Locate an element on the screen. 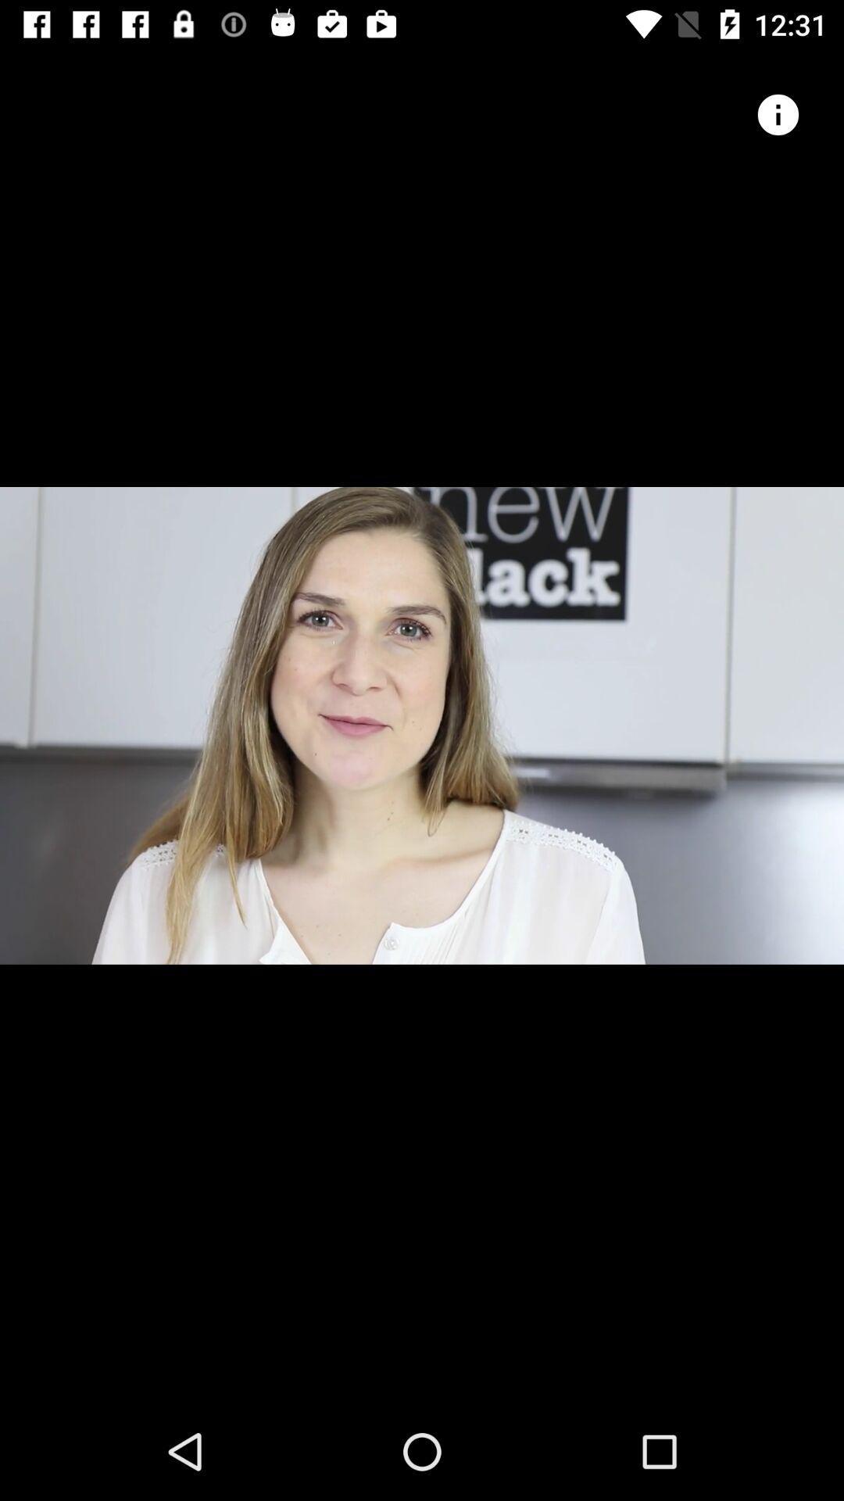  menu page is located at coordinates (778, 114).